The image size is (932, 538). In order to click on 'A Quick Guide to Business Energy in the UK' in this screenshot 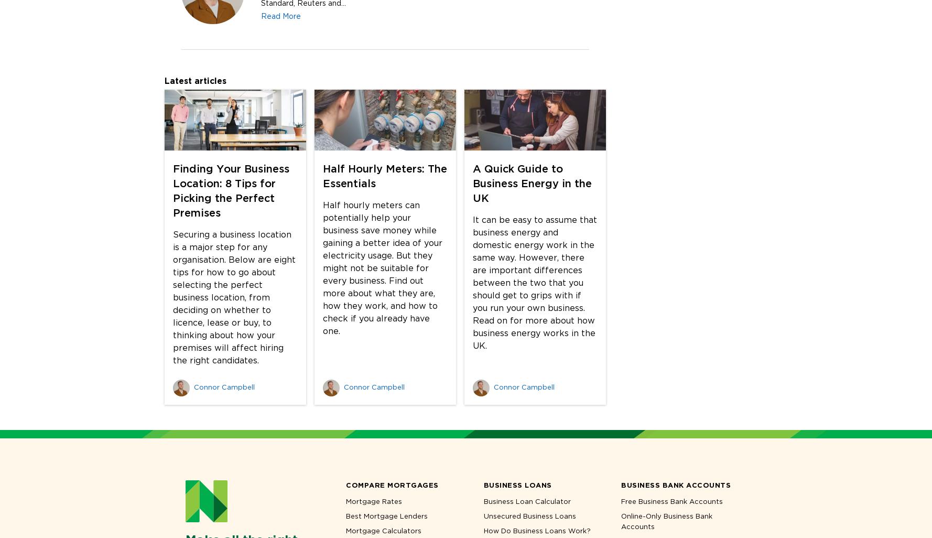, I will do `click(472, 183)`.